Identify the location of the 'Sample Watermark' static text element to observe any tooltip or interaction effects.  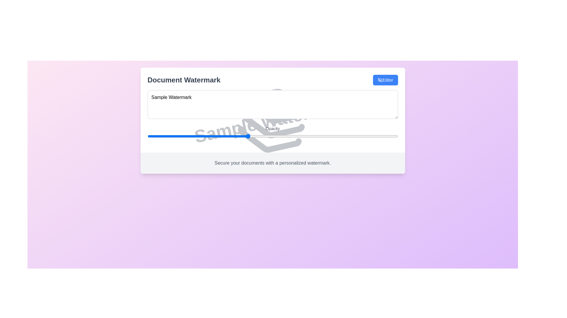
(272, 120).